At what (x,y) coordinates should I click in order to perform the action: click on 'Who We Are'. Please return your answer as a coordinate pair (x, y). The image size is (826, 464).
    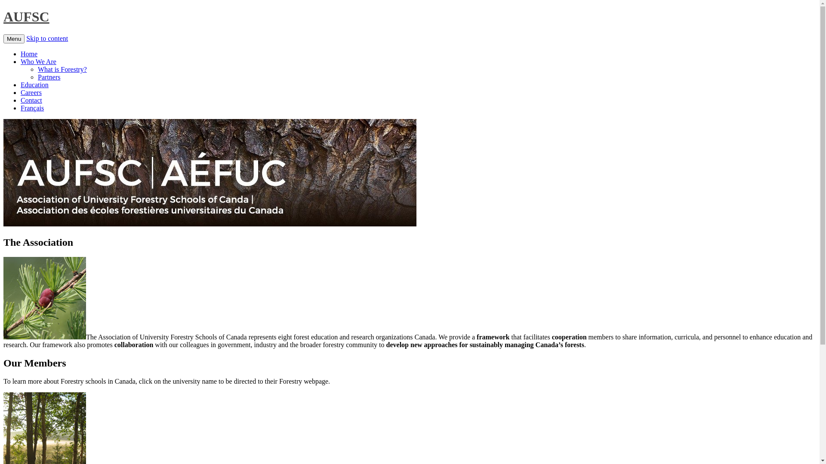
    Looking at the image, I should click on (38, 61).